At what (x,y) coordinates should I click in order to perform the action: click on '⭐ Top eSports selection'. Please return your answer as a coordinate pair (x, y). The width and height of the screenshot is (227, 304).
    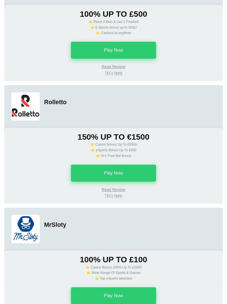
    Looking at the image, I should click on (113, 278).